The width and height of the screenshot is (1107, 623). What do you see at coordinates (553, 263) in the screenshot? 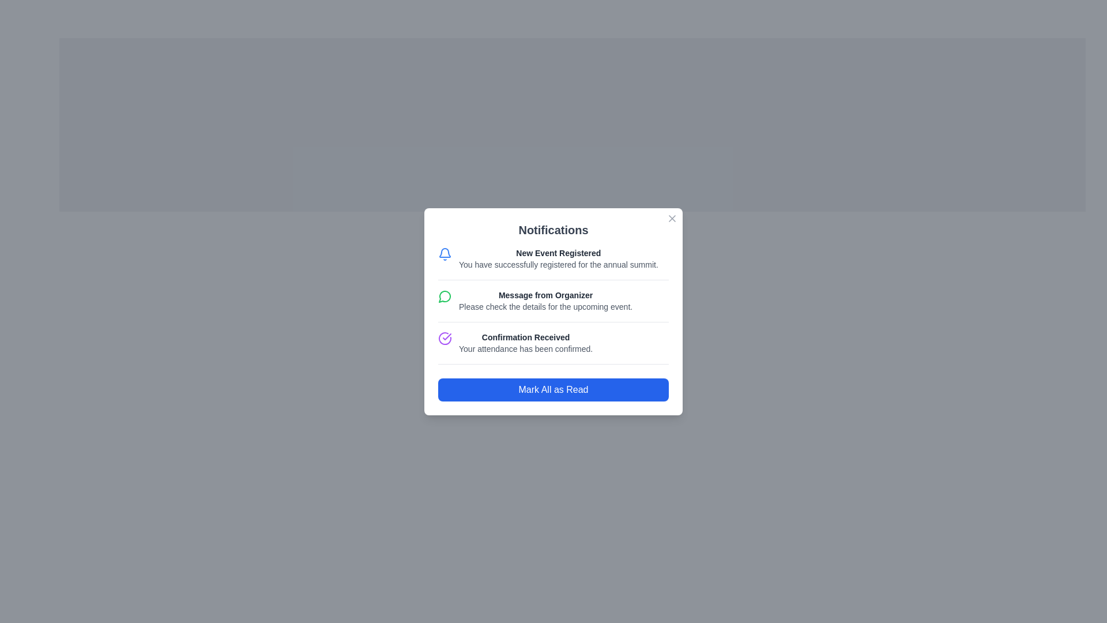
I see `the notification entry titled 'New Event Registered' in the notification dialog` at bounding box center [553, 263].